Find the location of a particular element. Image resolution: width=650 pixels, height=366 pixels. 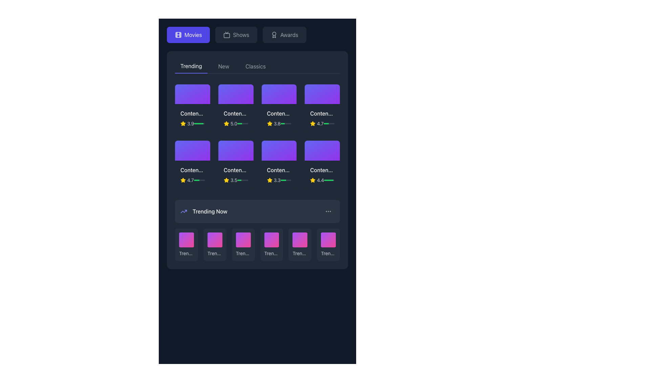

the static text label indicating the category of currently popular or trending items is located at coordinates (210, 211).